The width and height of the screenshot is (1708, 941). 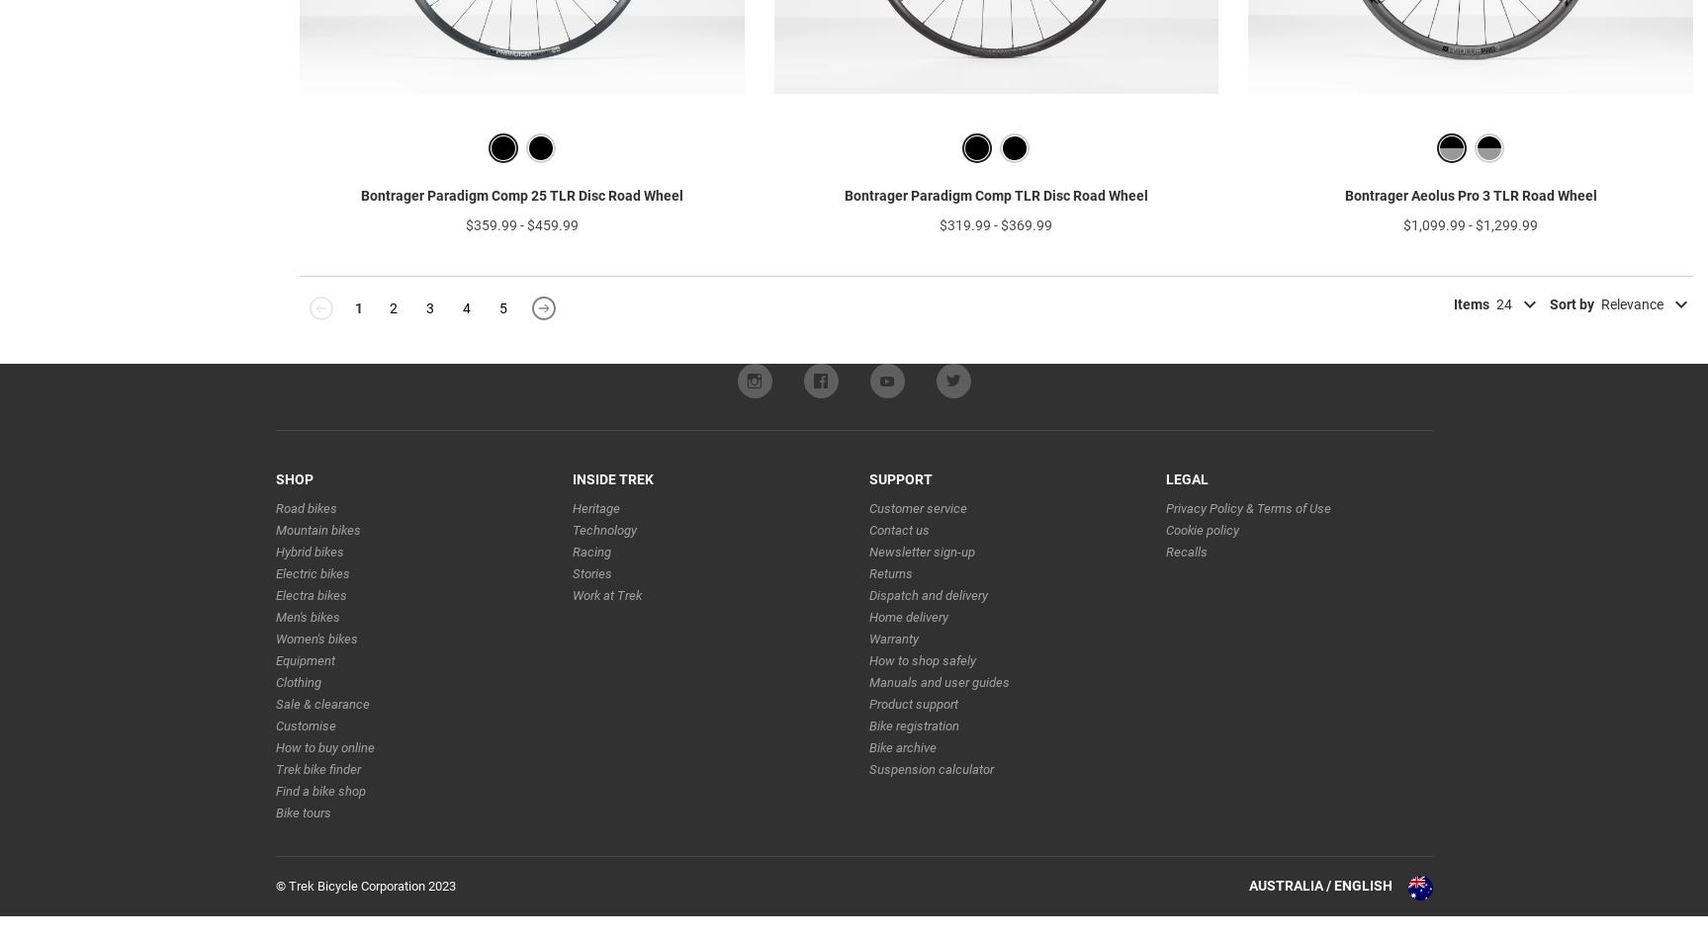 I want to click on 'Bike registration', so click(x=912, y=755).